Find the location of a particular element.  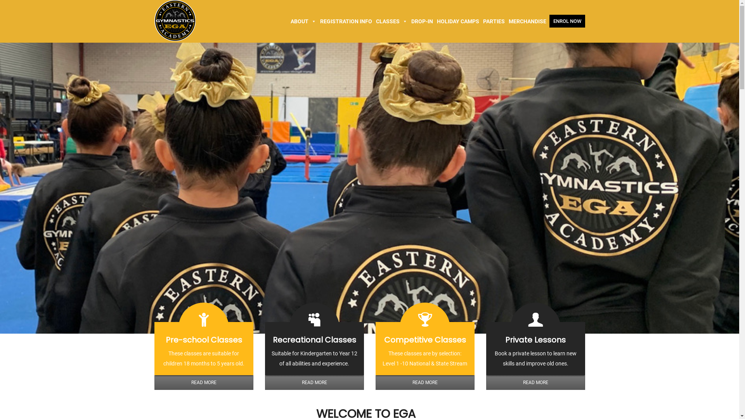

'HOLIDAY CAMPS' is located at coordinates (457, 21).